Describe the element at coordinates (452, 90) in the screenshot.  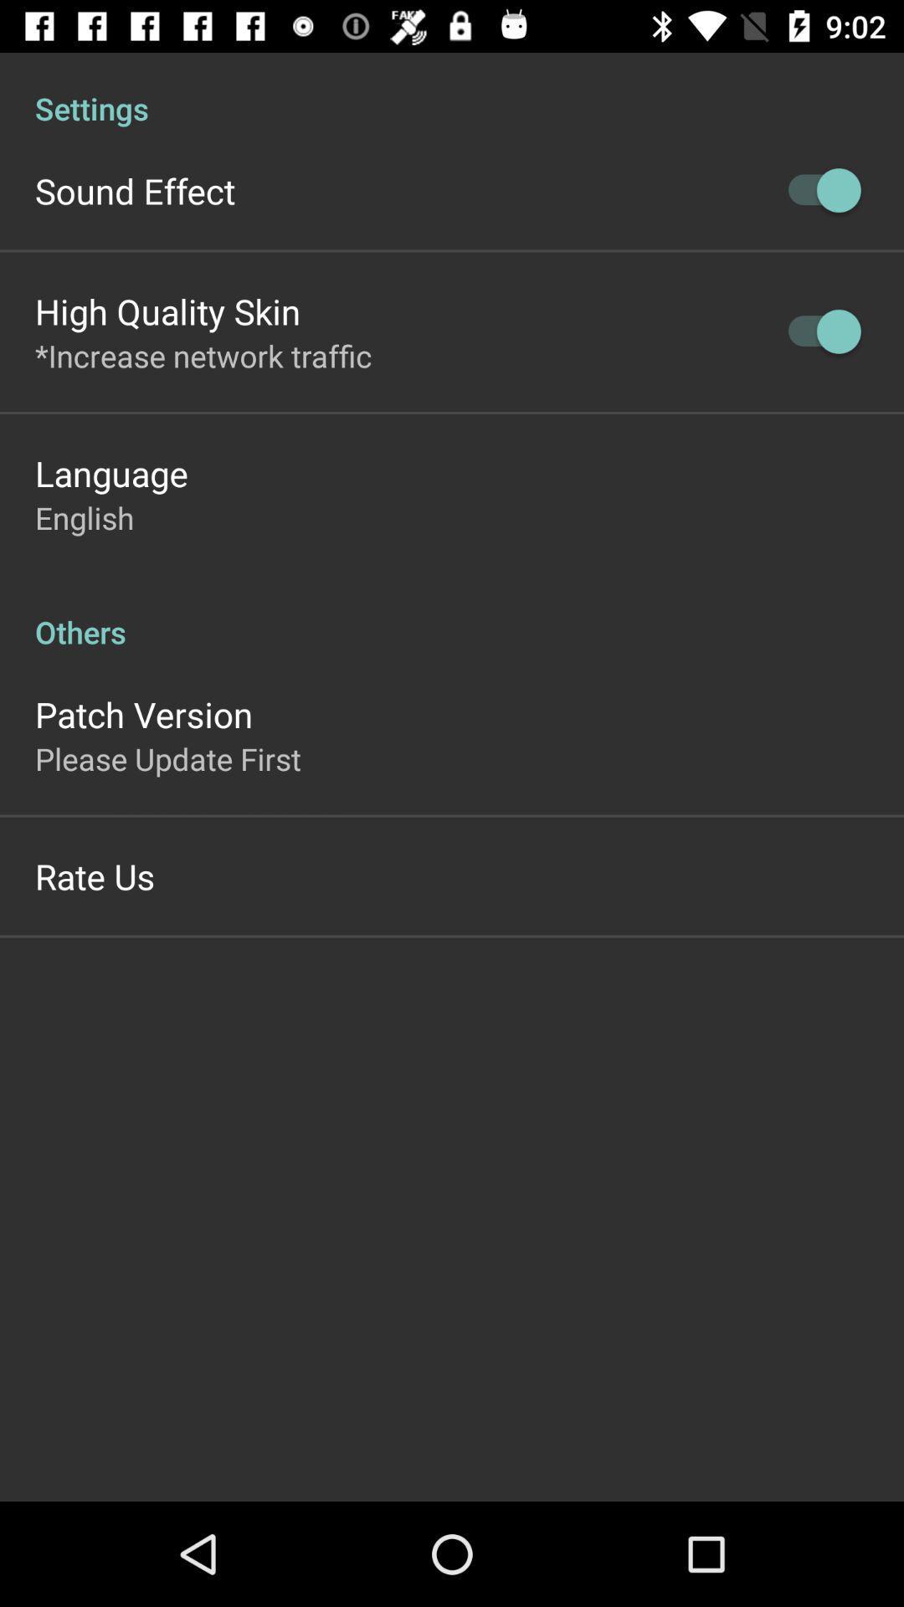
I see `the settings` at that location.